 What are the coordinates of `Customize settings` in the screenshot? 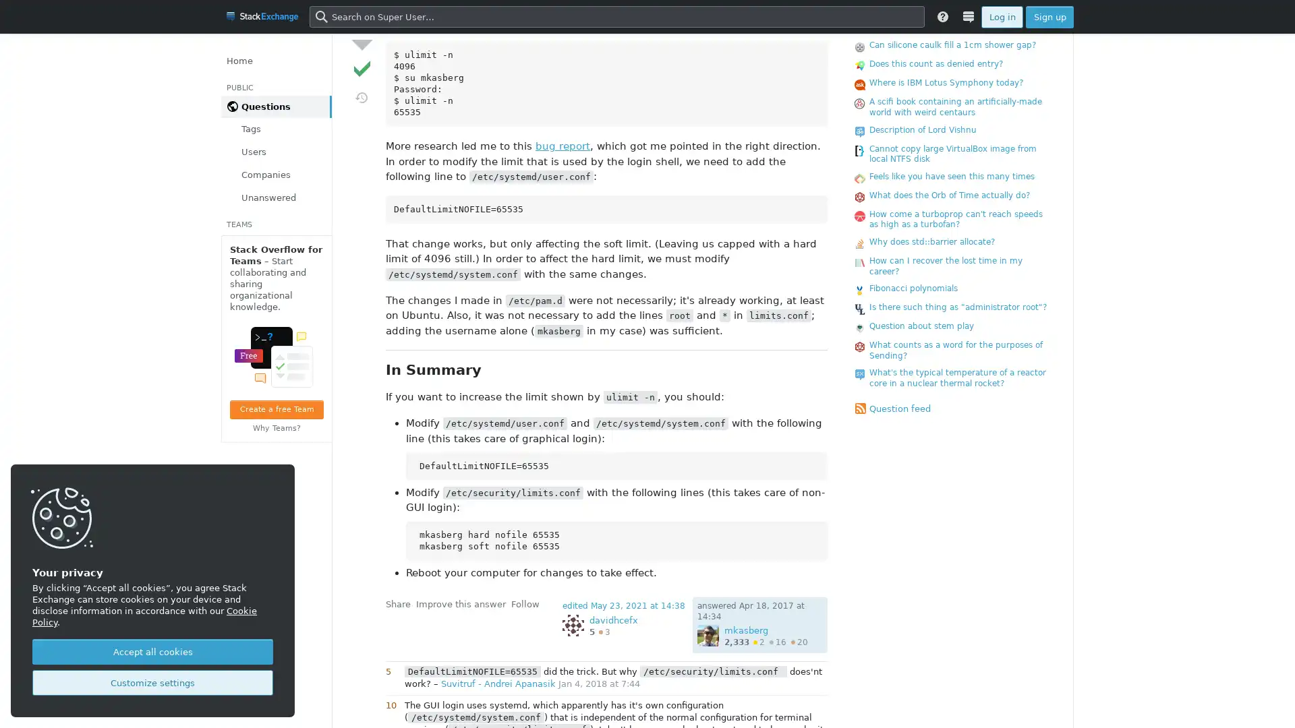 It's located at (152, 683).